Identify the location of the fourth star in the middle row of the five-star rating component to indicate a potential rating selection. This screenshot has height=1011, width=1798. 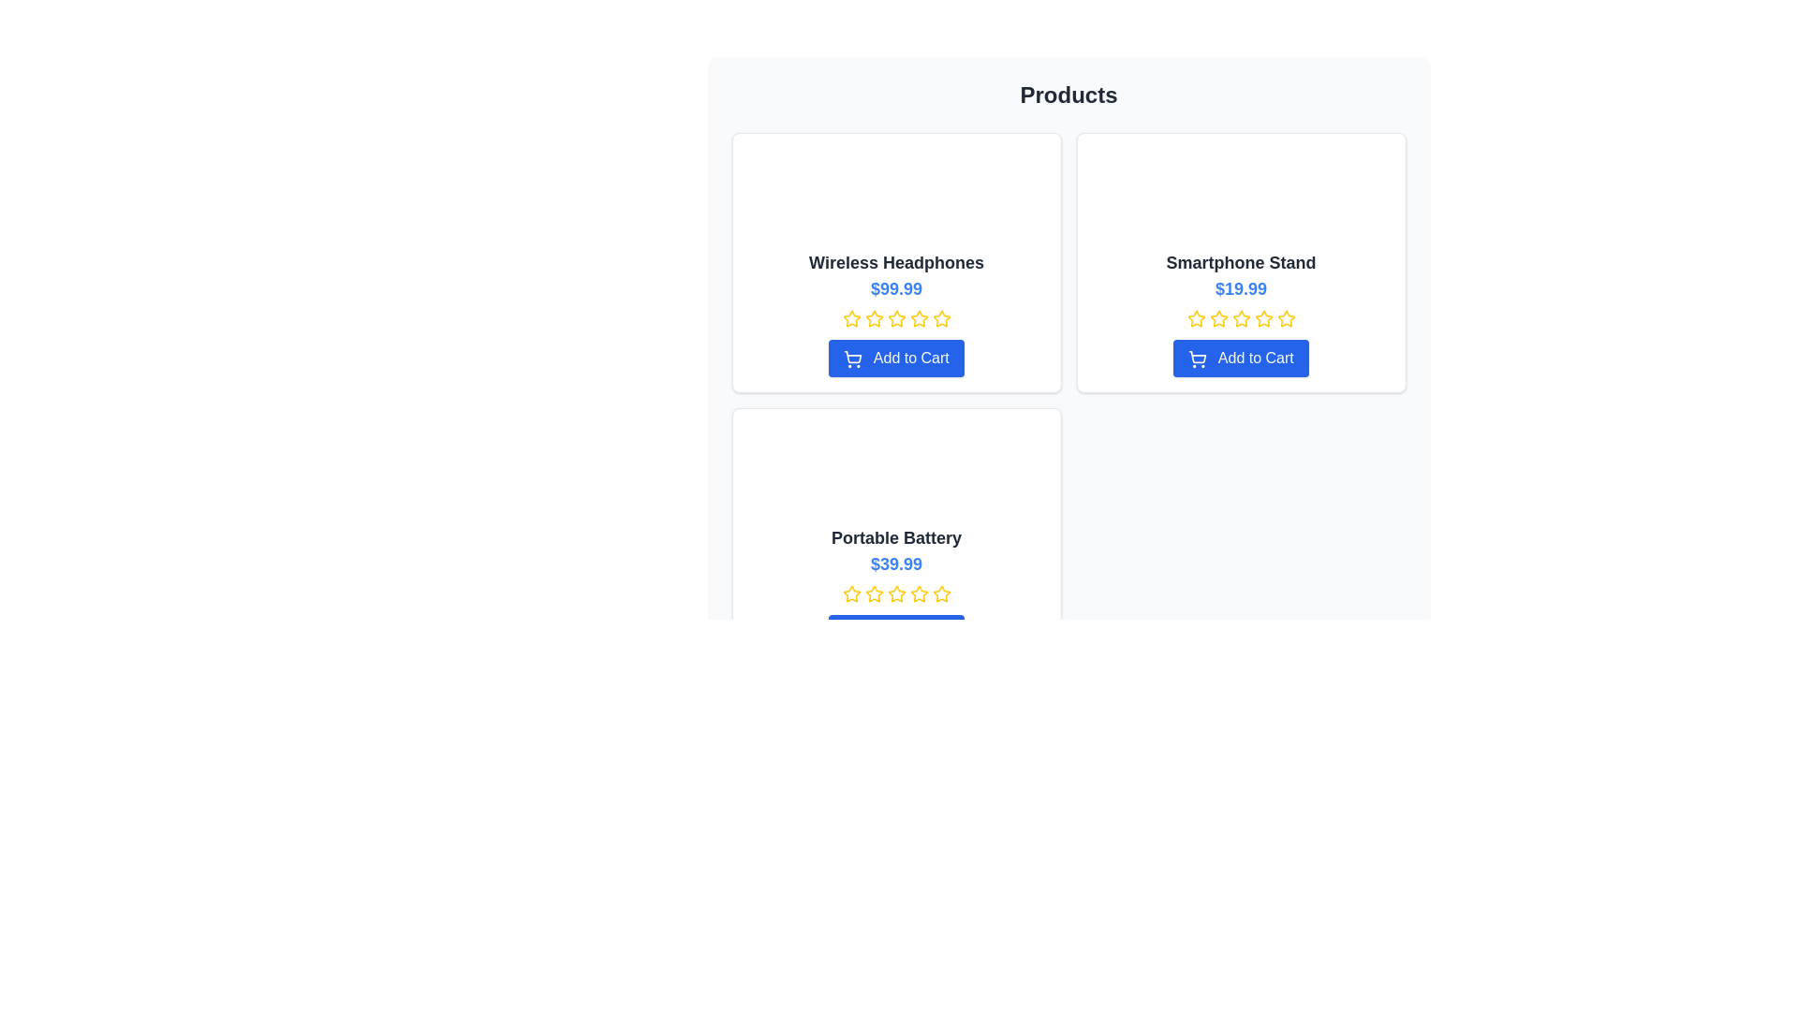
(919, 317).